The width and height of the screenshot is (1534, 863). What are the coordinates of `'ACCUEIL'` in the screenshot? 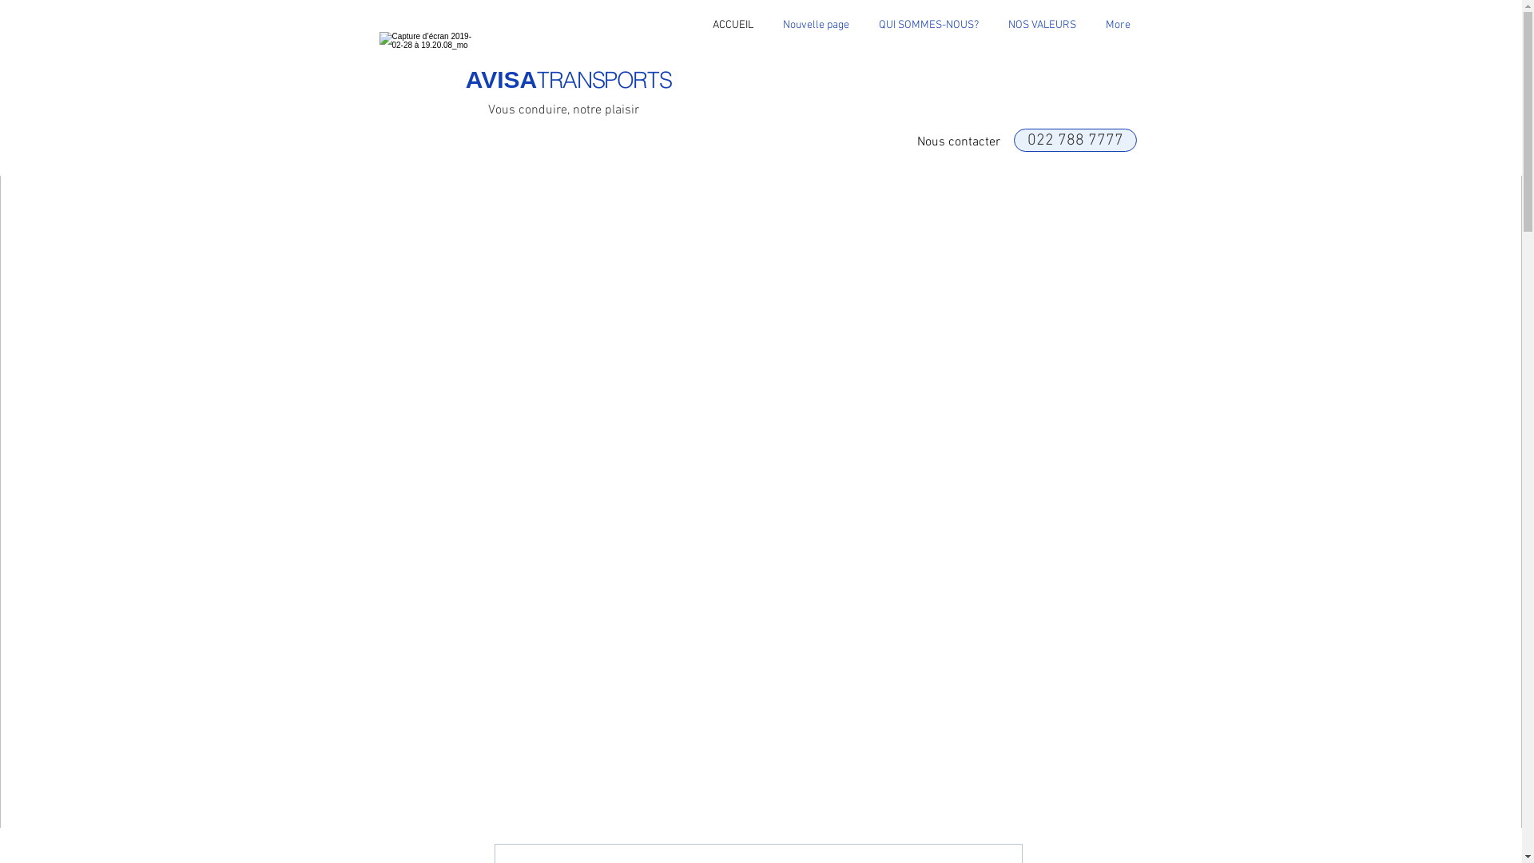 It's located at (731, 25).